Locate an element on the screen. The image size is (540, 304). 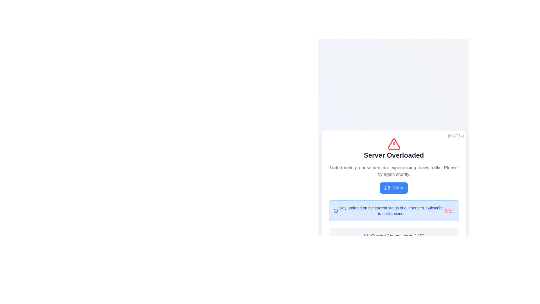
notification header text indicating the server overload status, which is located below a red warning icon and above the description text is located at coordinates (393, 155).